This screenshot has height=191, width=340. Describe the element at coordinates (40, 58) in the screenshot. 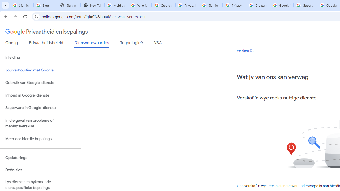

I see `'Inleiding'` at that location.